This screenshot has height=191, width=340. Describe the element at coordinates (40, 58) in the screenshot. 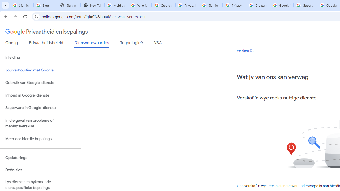

I see `'Inleiding'` at that location.